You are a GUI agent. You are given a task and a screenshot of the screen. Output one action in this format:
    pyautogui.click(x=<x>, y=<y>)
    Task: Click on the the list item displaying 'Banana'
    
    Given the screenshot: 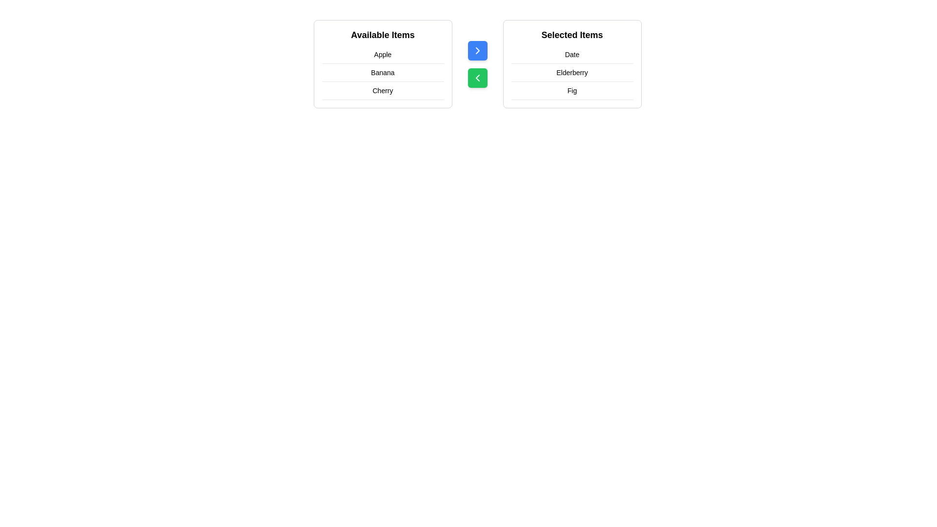 What is the action you would take?
    pyautogui.click(x=382, y=72)
    